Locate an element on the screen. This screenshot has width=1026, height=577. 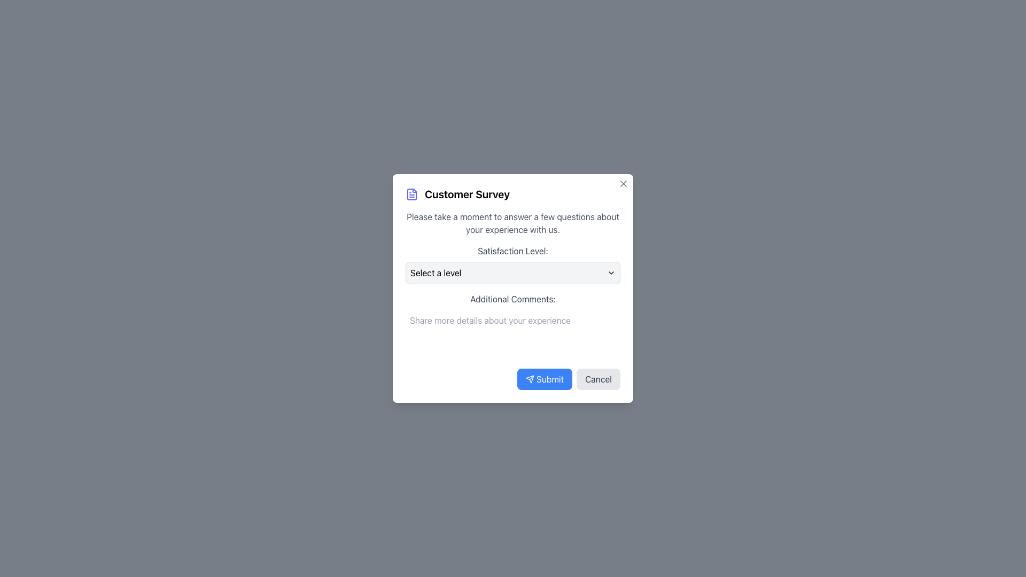
text header labeled 'Customer Survey' which is styled in bold and large font, located near the top of the dialog box and aligned leftward next to a small indigo file icon is located at coordinates (467, 194).